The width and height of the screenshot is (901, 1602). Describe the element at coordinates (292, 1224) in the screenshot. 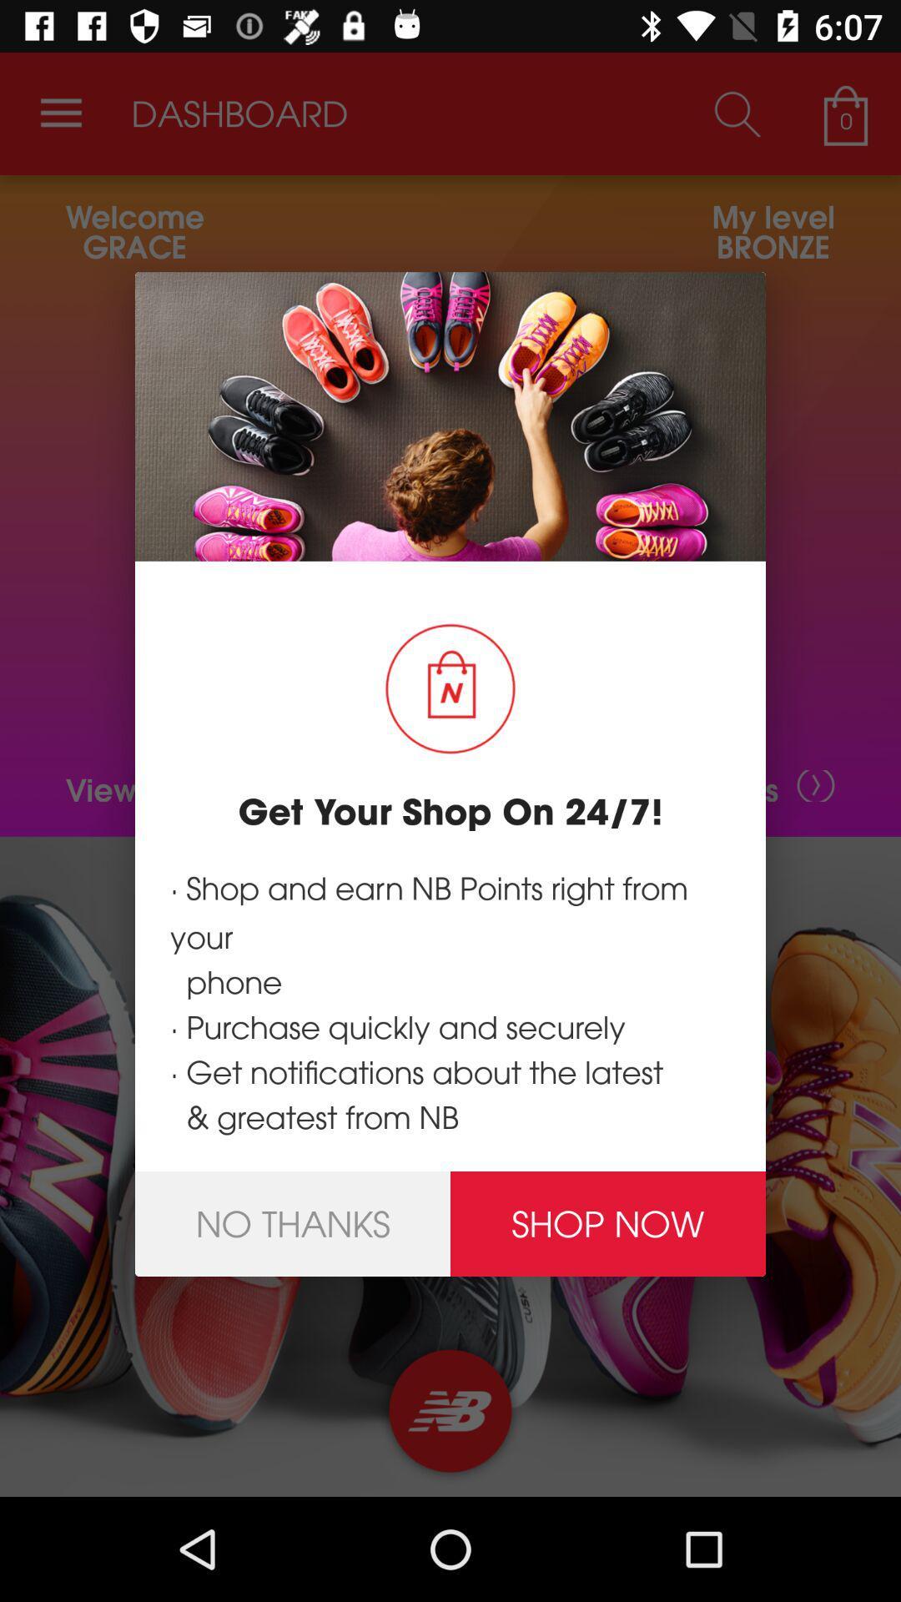

I see `the item to the left of shop now icon` at that location.